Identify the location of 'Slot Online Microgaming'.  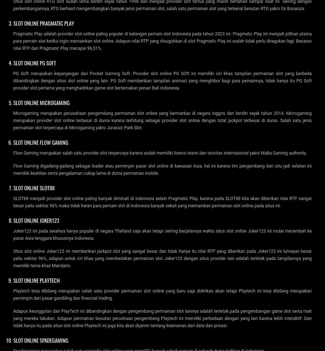
(41, 102).